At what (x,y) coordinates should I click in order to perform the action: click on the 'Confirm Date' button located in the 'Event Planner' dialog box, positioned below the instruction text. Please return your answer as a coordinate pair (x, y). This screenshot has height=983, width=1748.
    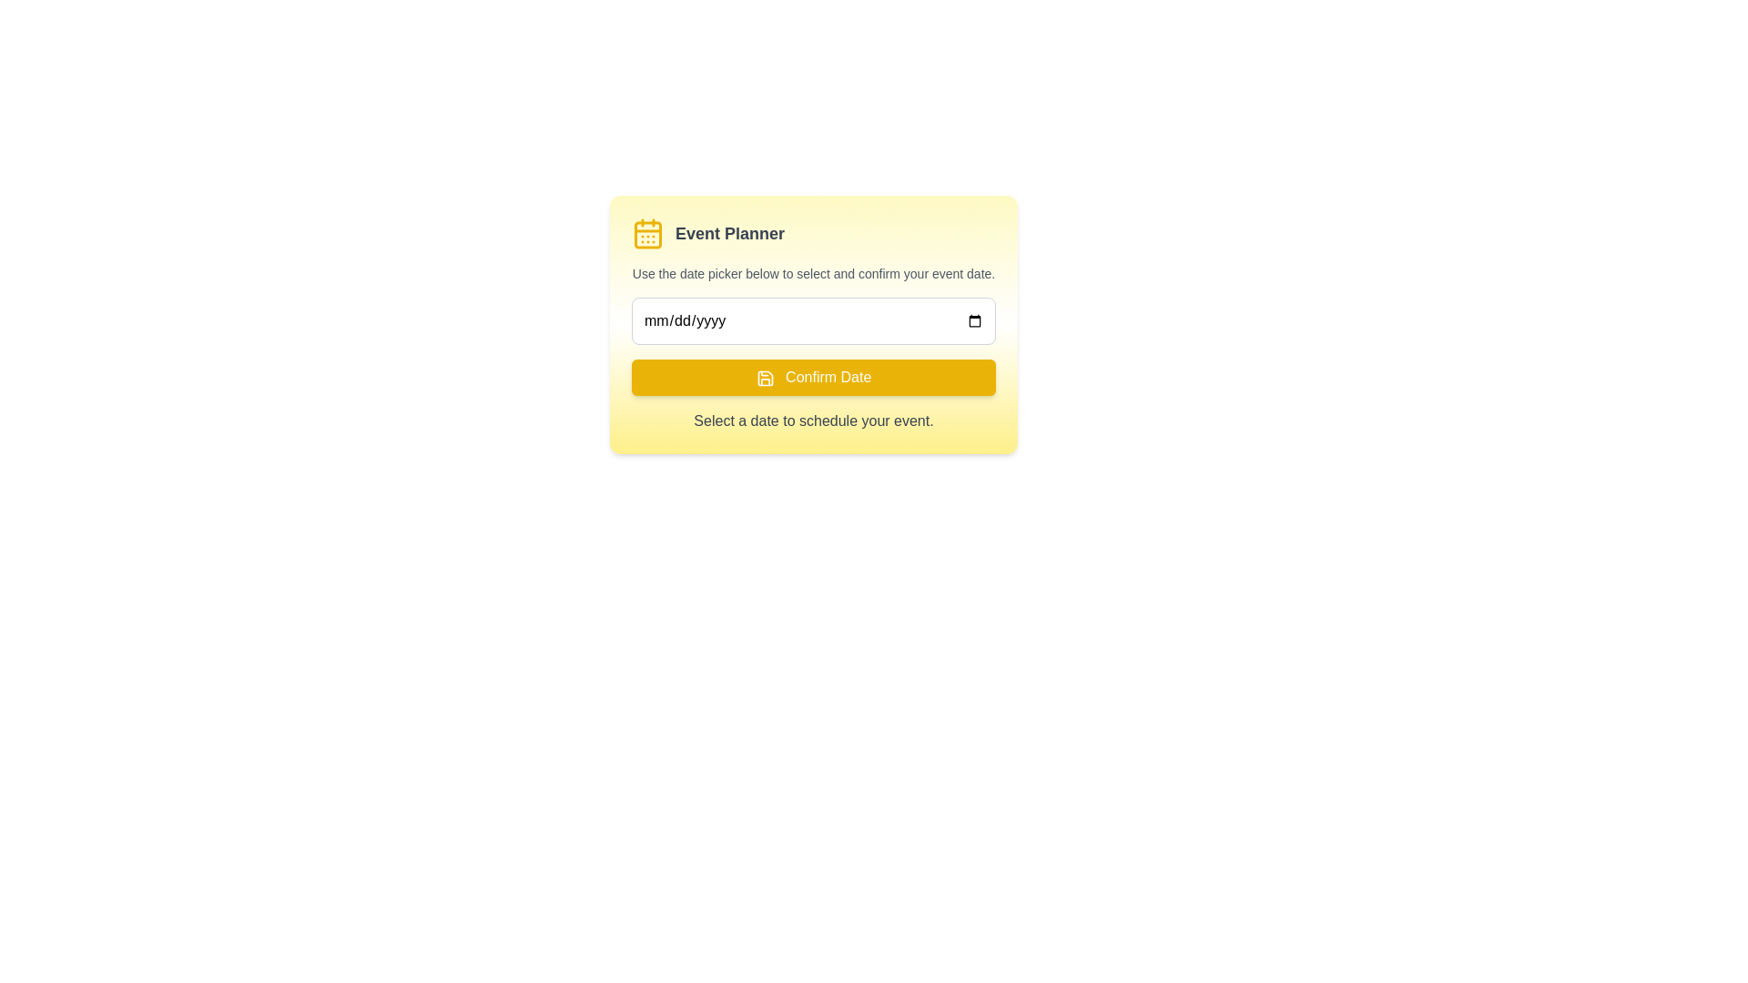
    Looking at the image, I should click on (812, 381).